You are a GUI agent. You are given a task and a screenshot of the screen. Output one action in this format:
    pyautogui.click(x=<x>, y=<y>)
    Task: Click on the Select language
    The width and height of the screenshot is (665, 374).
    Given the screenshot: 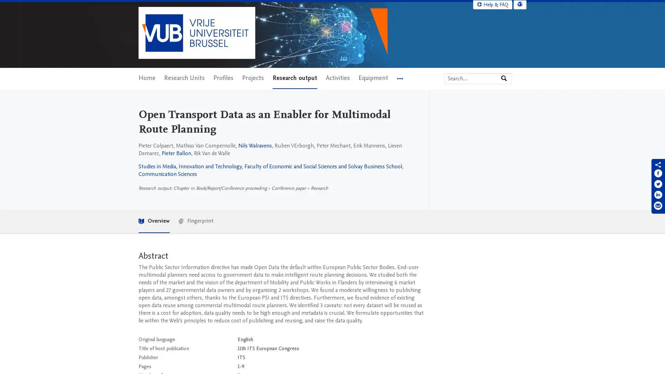 What is the action you would take?
    pyautogui.click(x=520, y=4)
    